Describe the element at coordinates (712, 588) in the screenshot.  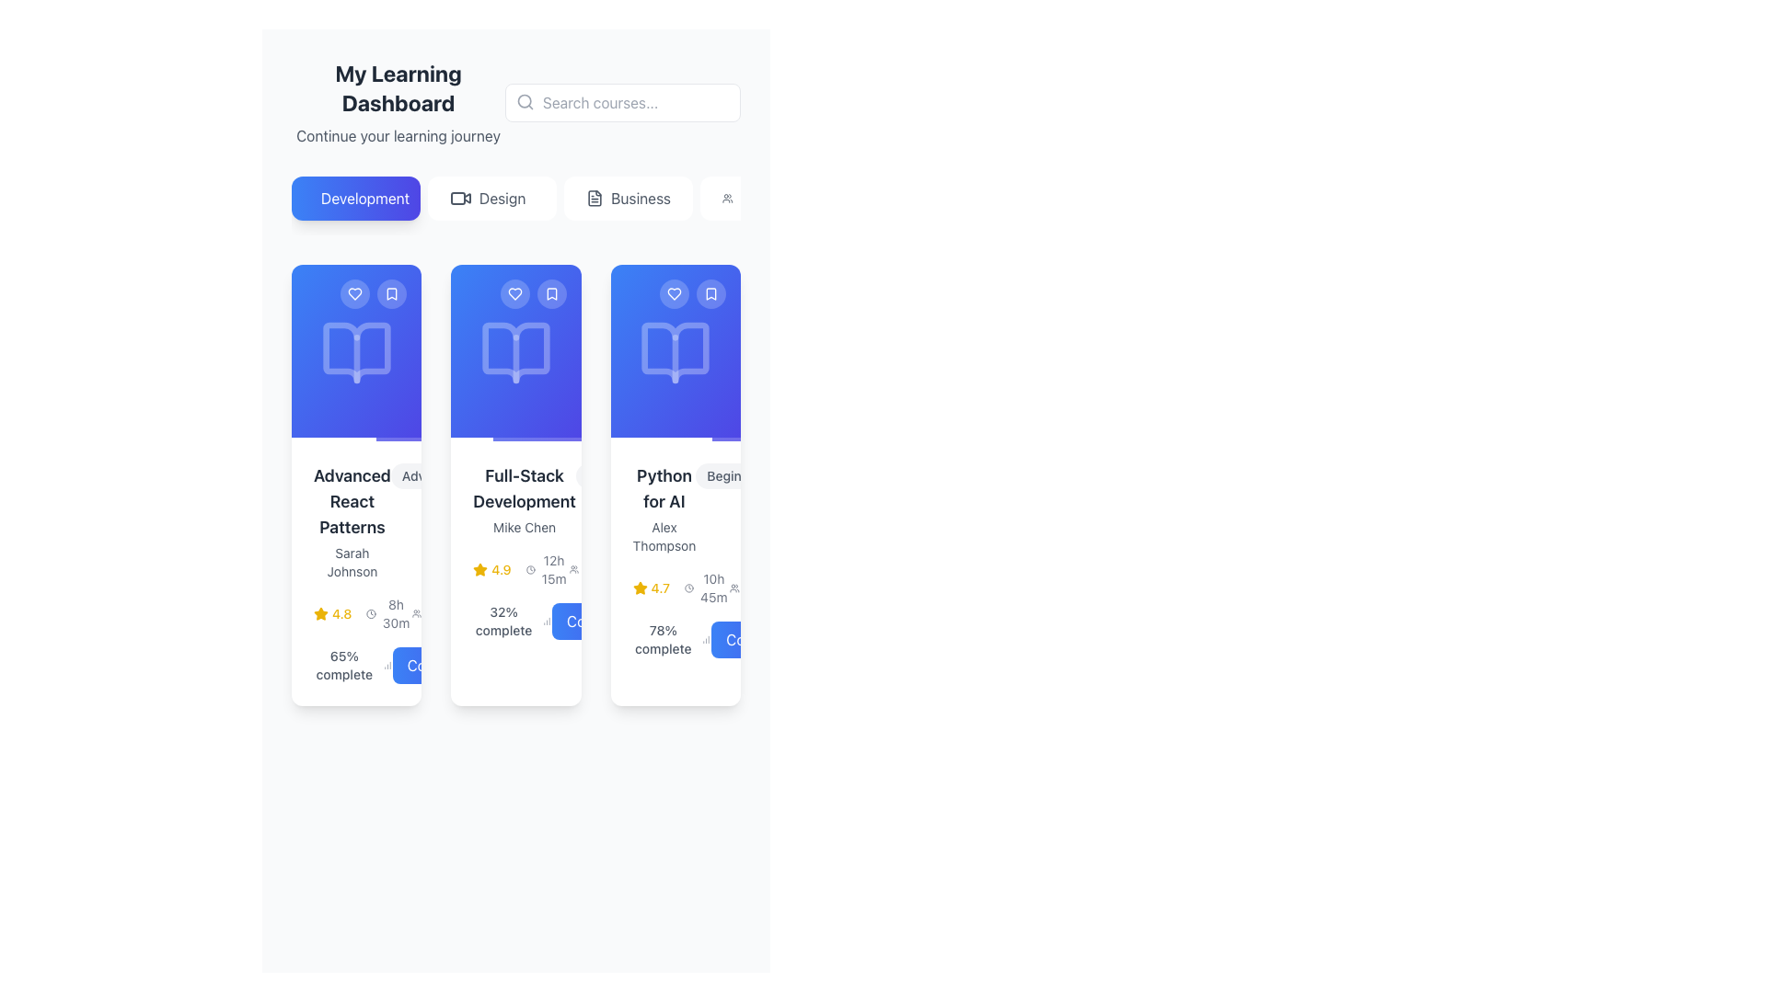
I see `time information displayed in the text label showing '10h 45m' located in the bottom right section of the third course card, adjacent to a clock icon` at that location.